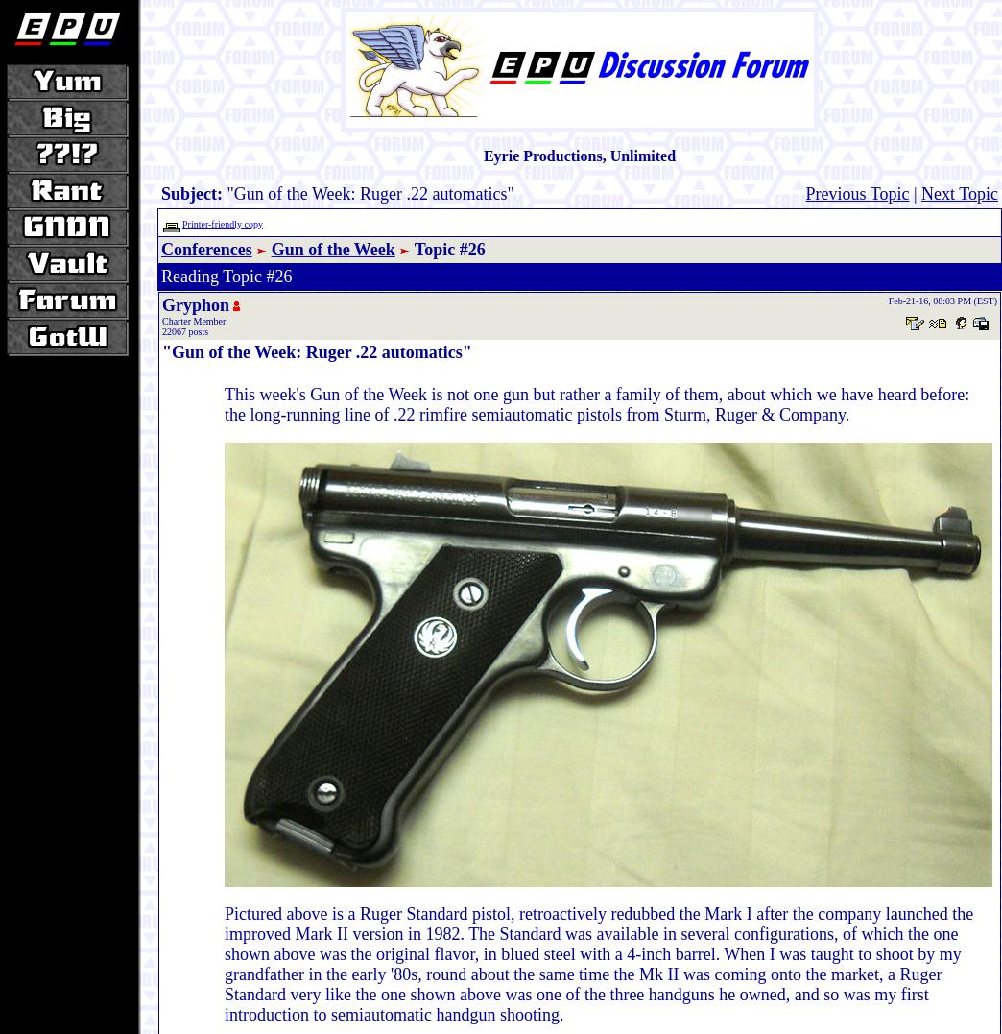 The image size is (1002, 1034). Describe the element at coordinates (224, 963) in the screenshot. I see `'Pictured above is a Ruger Standard pistol, retroactively redubbed the Mark I after the company launched the improved Mark II version in 1982.  The Standard was available in several configurations, of which the one shown above was the original flavor, in blued steel with a 4-inch barrel.  When I was taught to shoot by my grandfather in the early '80s, round about the same time the Mk II was coming onto the market, a Ruger Standard very like the one shown above was one of the three handguns he owned, and so was my first introduction to semiautomatic handgun shooting.'` at that location.